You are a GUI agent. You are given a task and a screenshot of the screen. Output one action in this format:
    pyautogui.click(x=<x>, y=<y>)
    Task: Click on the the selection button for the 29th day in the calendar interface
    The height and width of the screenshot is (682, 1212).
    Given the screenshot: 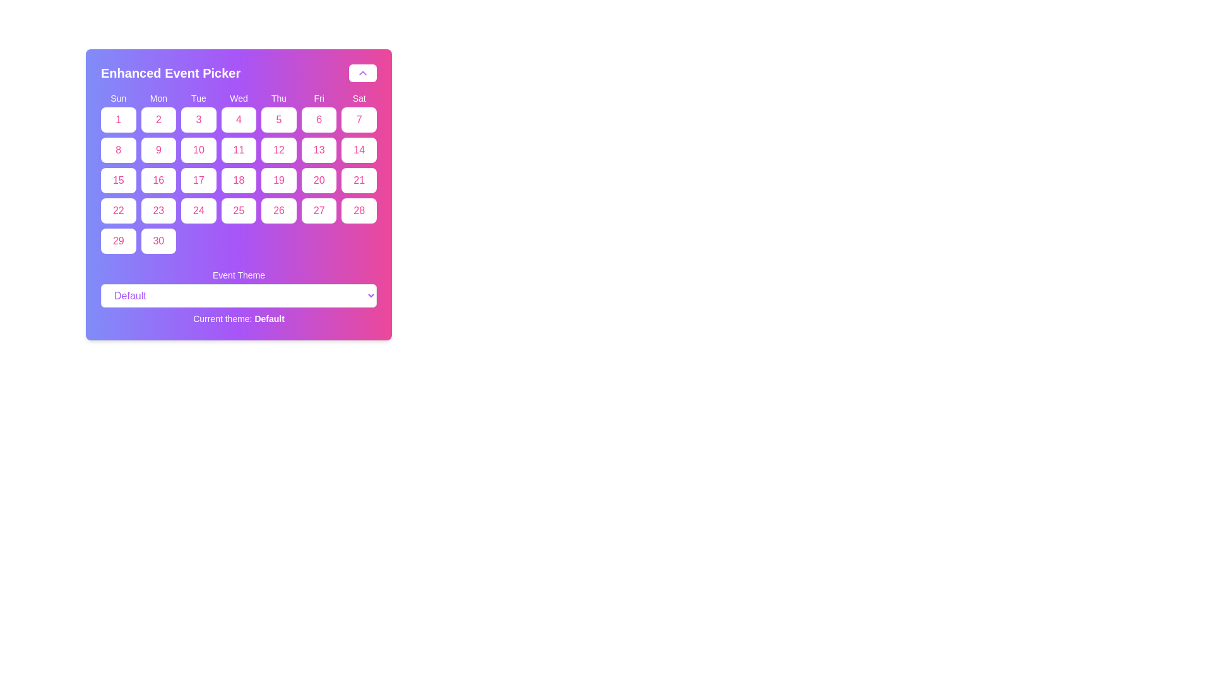 What is the action you would take?
    pyautogui.click(x=118, y=241)
    